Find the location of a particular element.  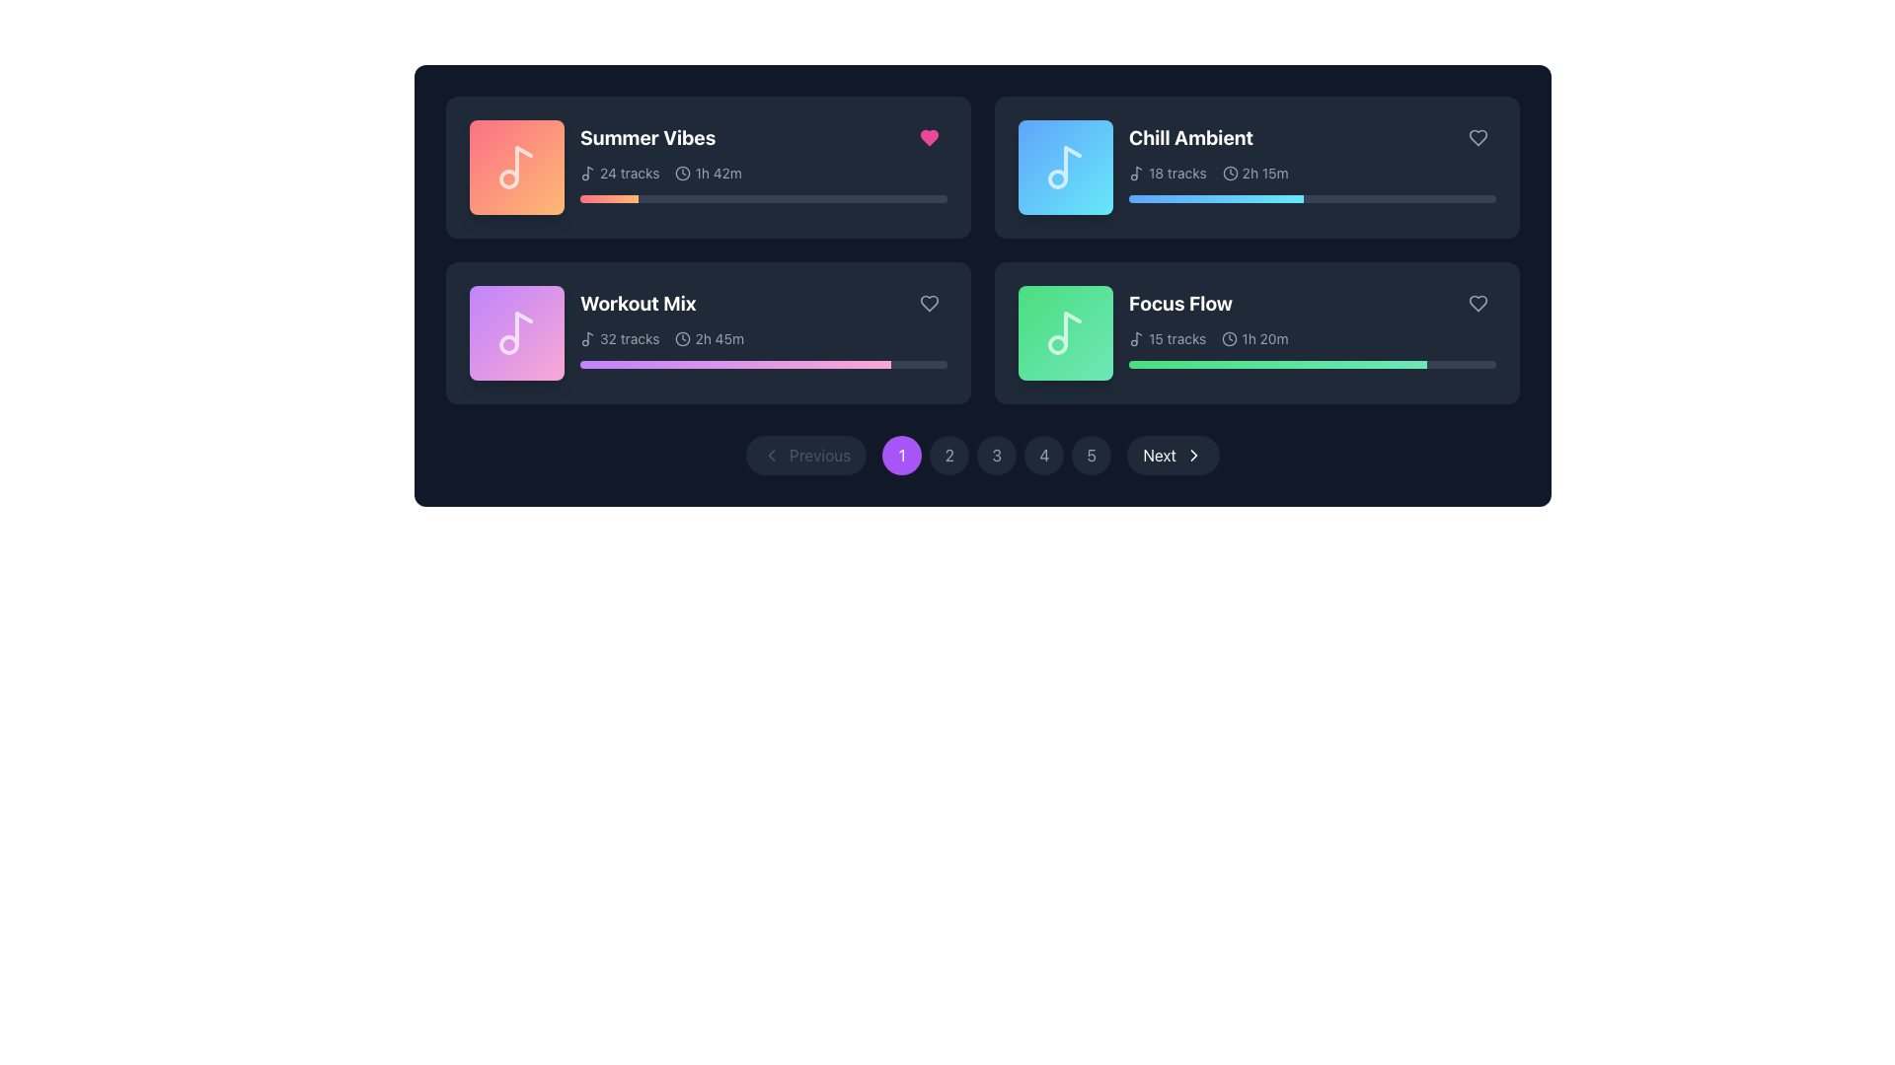

displayed information from the Text label with an icon that shows the total number of tracks in the 'Focus Flow' card's metadata row, which has a music note icon to the left is located at coordinates (1168, 337).